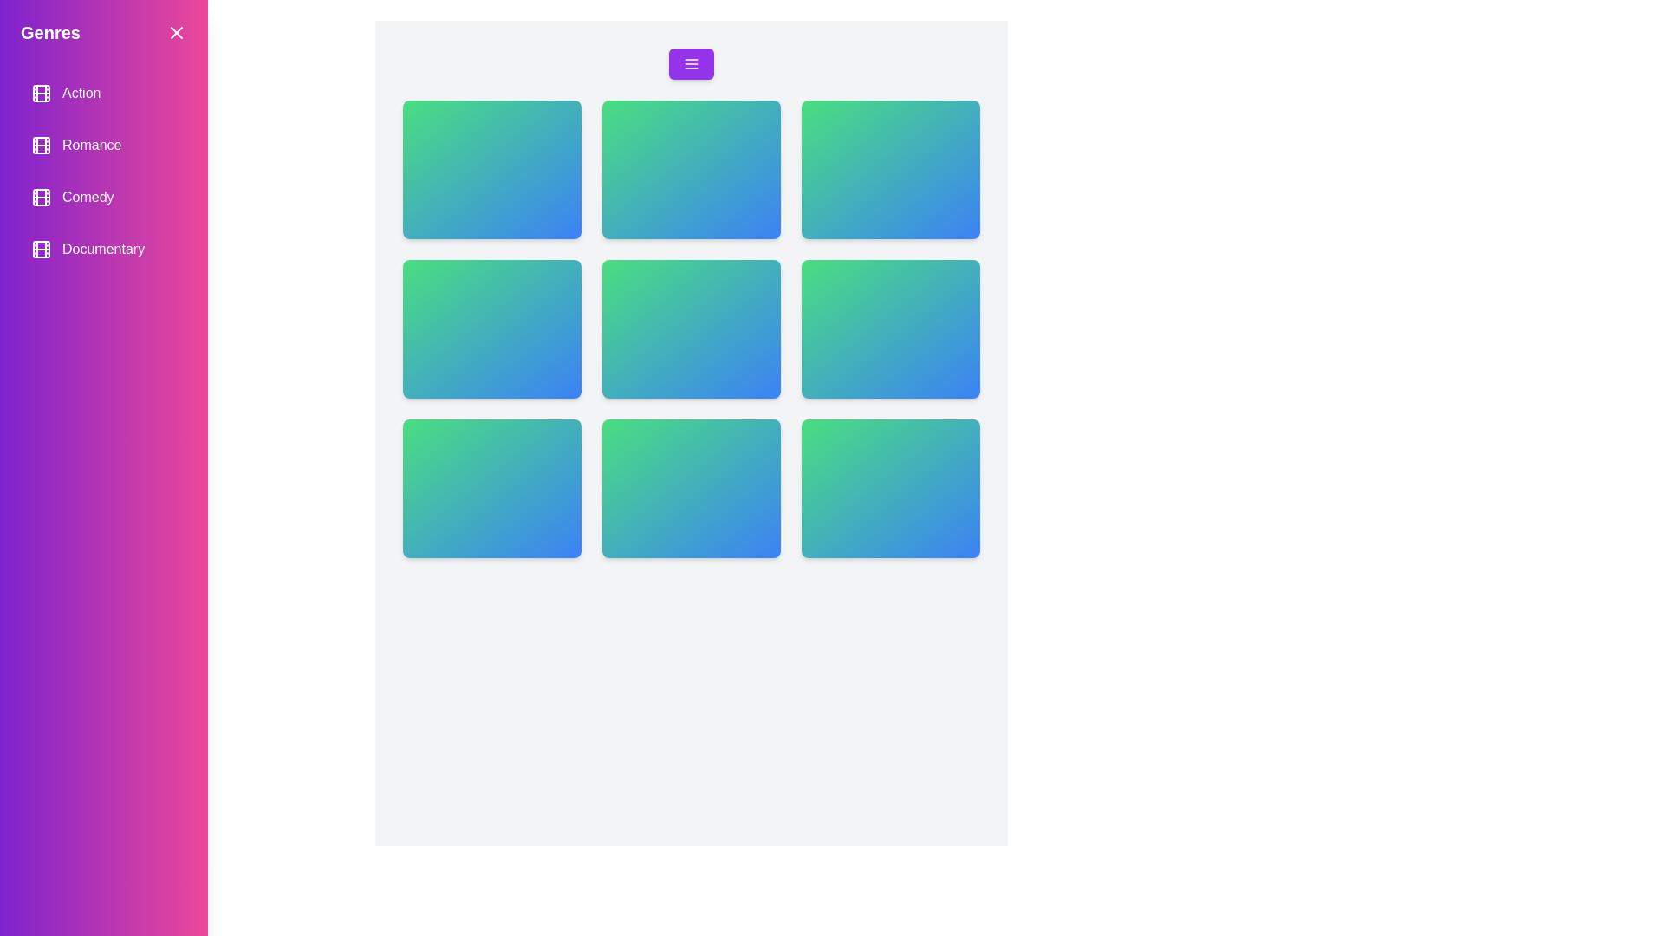 This screenshot has height=936, width=1664. I want to click on the genre item labeled Romance, so click(103, 145).